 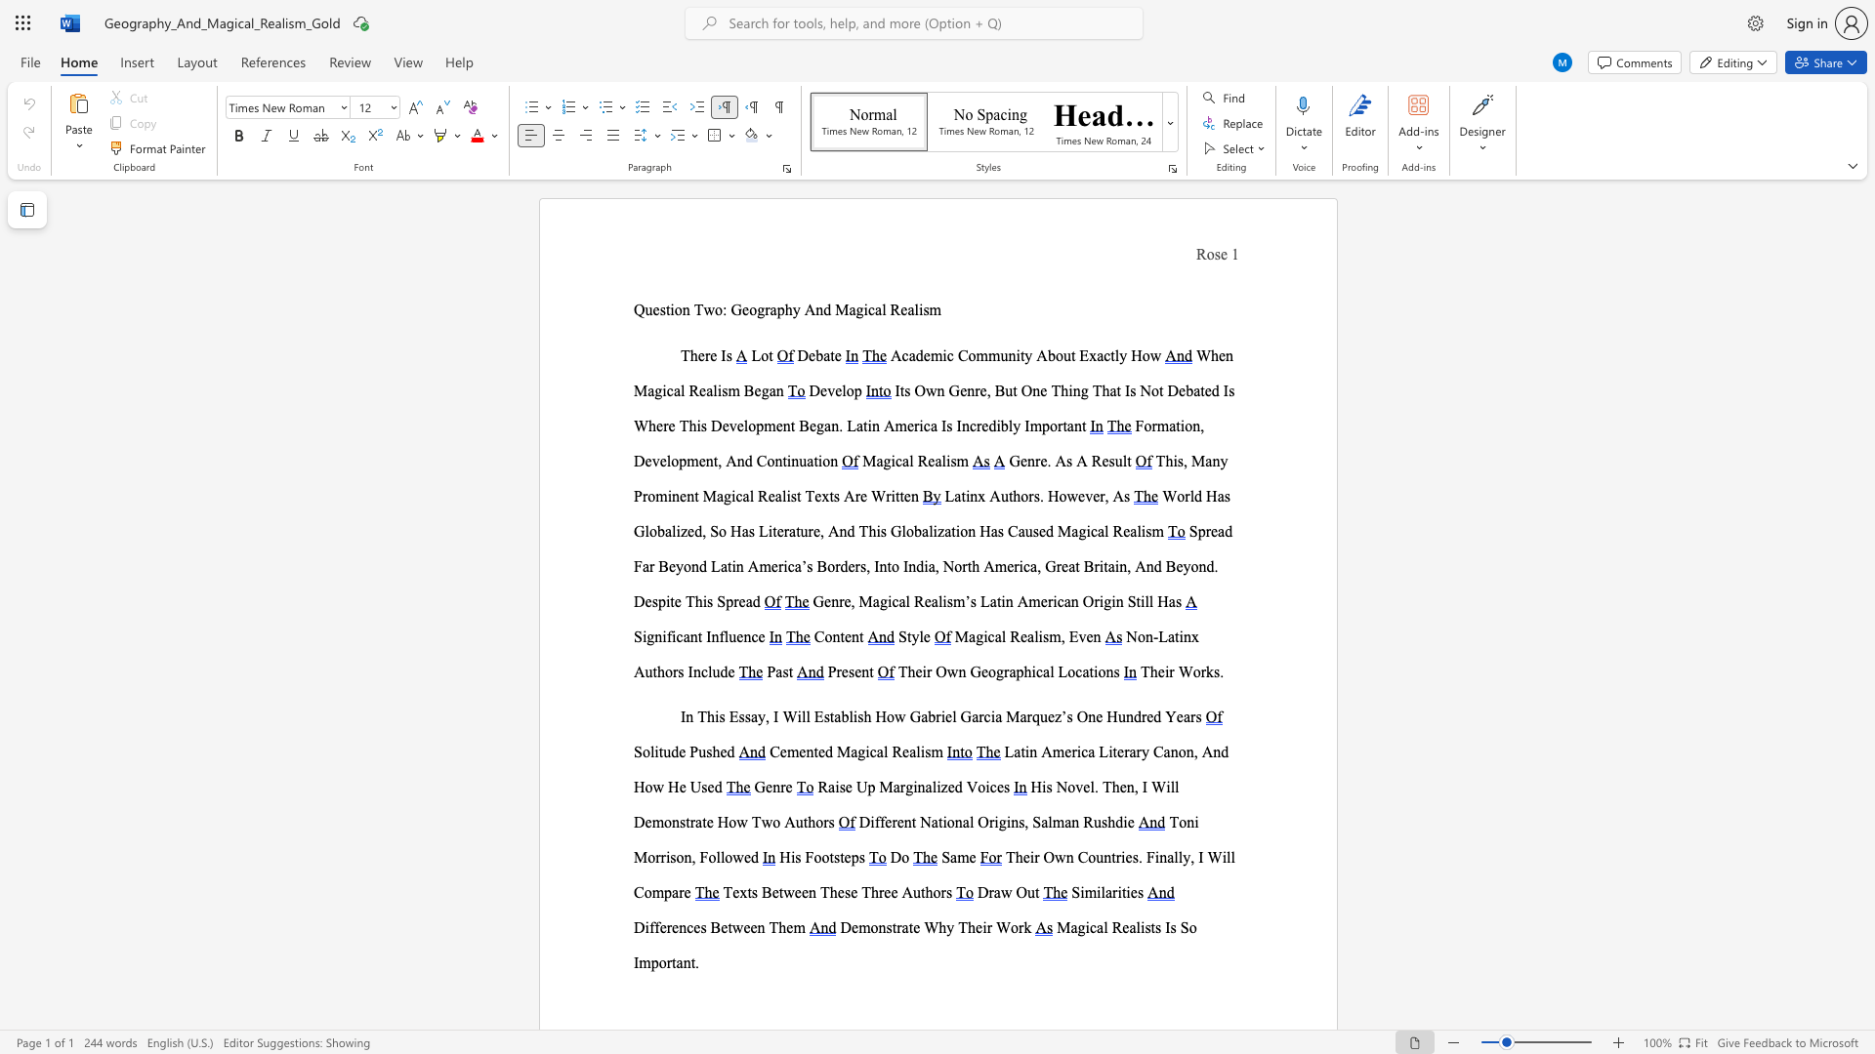 I want to click on the subset text "sm" within the text "Magical Realism", so click(x=950, y=461).